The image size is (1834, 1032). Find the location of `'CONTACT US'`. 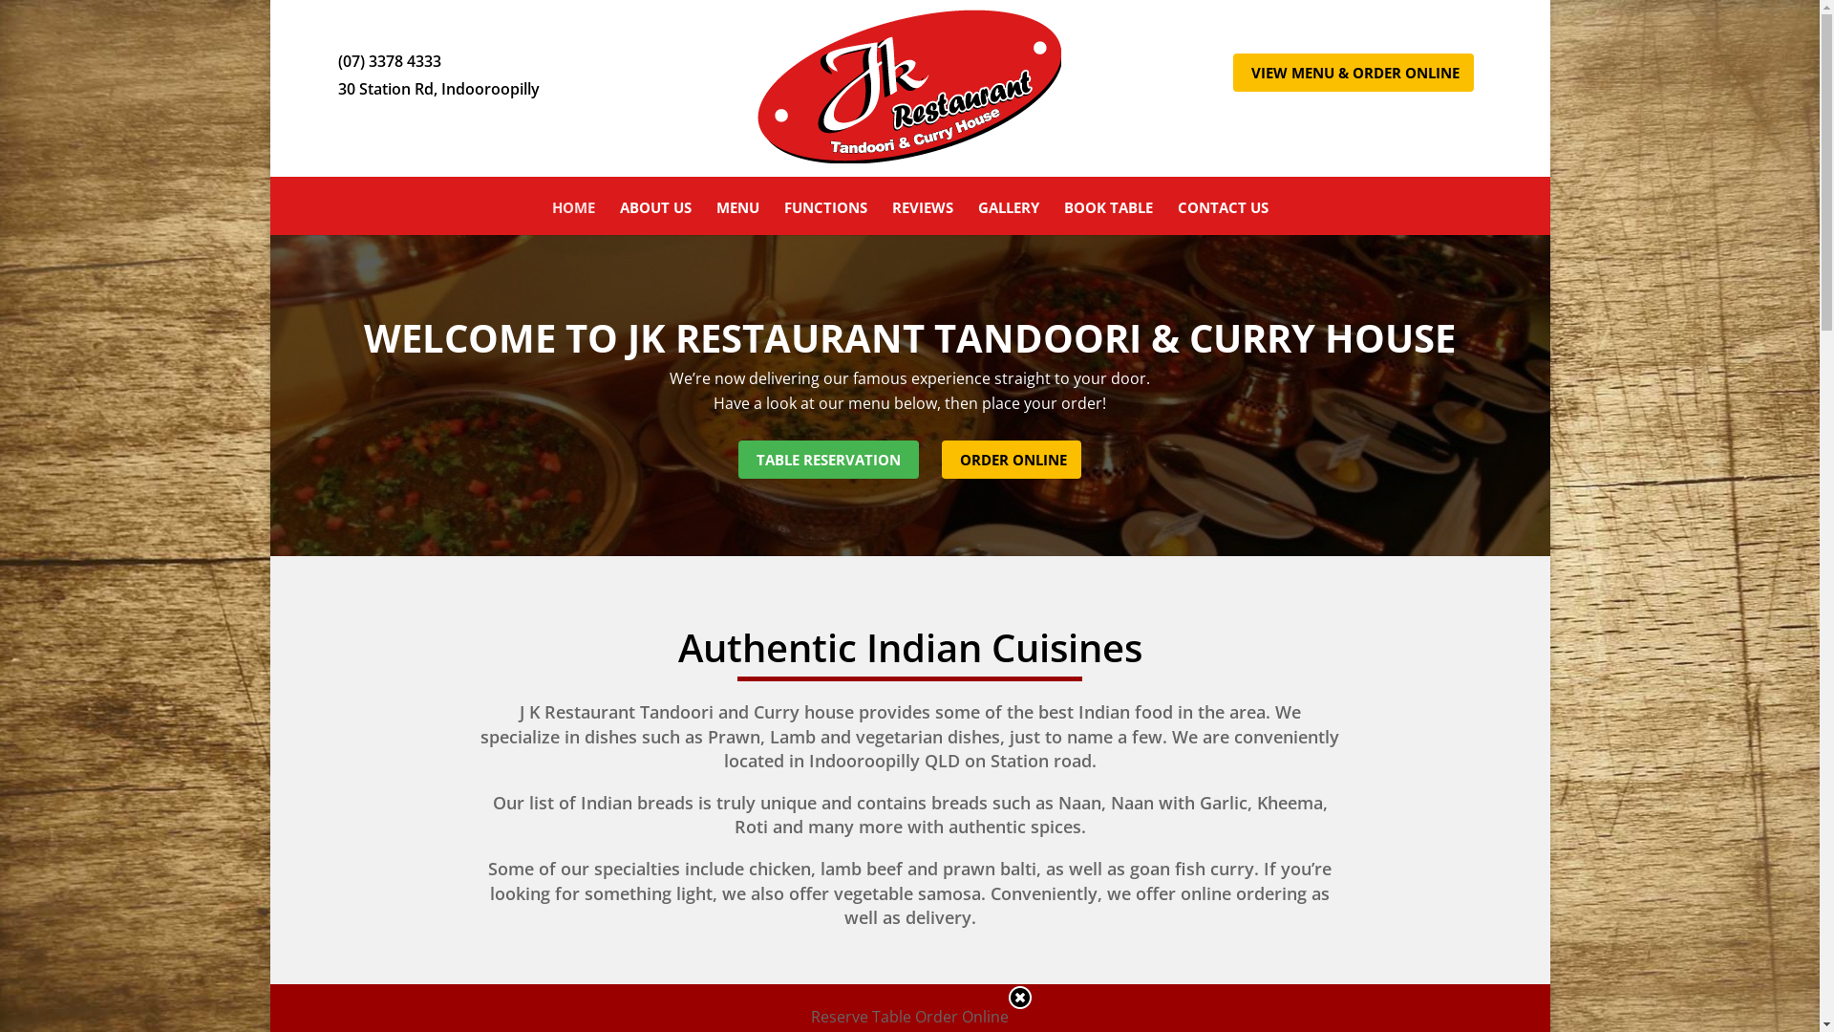

'CONTACT US' is located at coordinates (1221, 216).